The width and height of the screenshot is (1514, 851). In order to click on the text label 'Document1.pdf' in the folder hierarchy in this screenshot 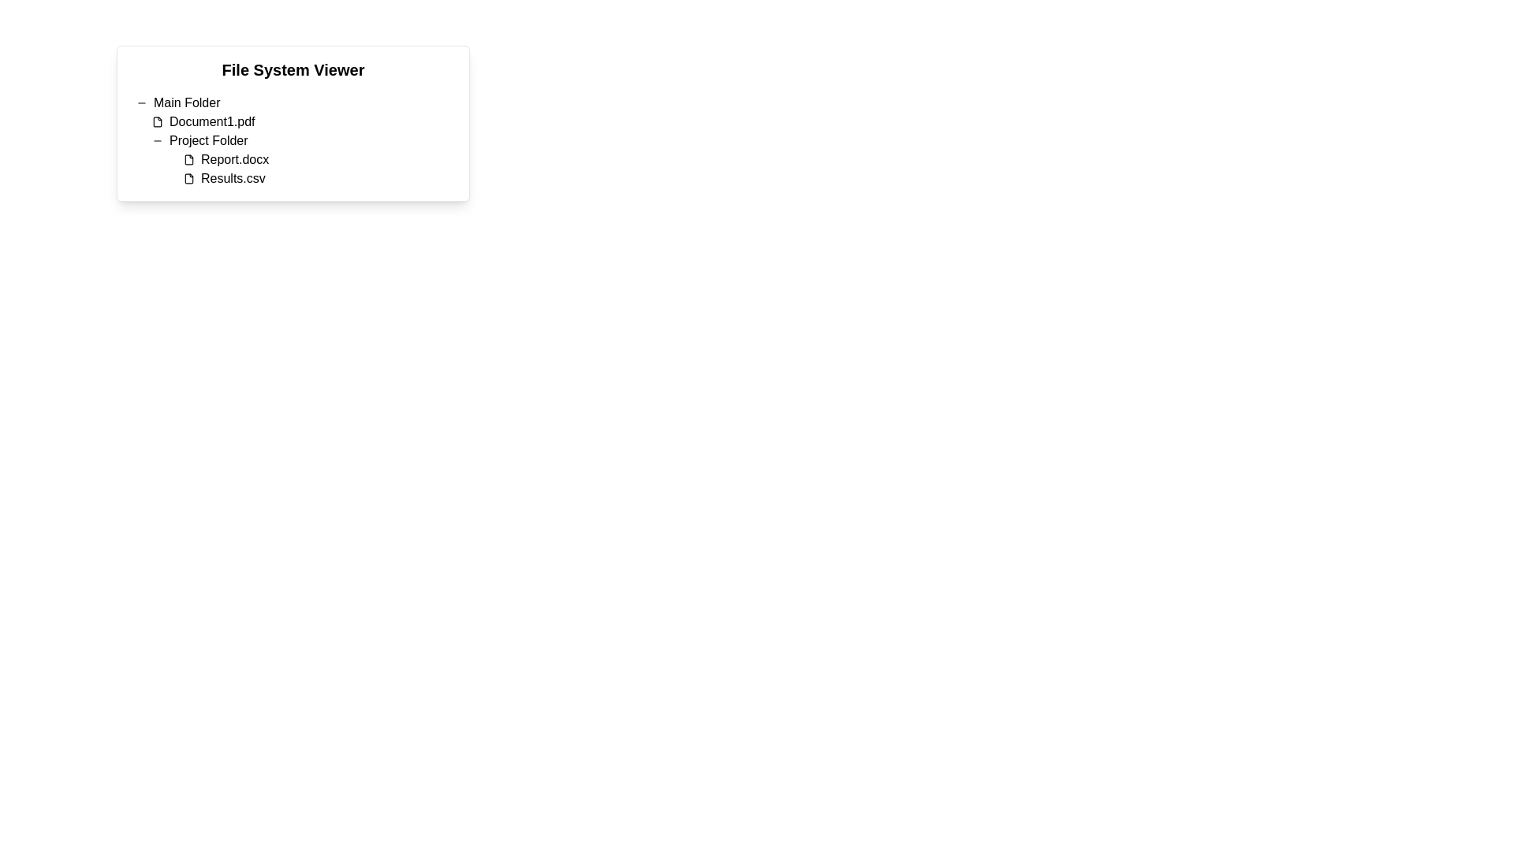, I will do `click(211, 121)`.